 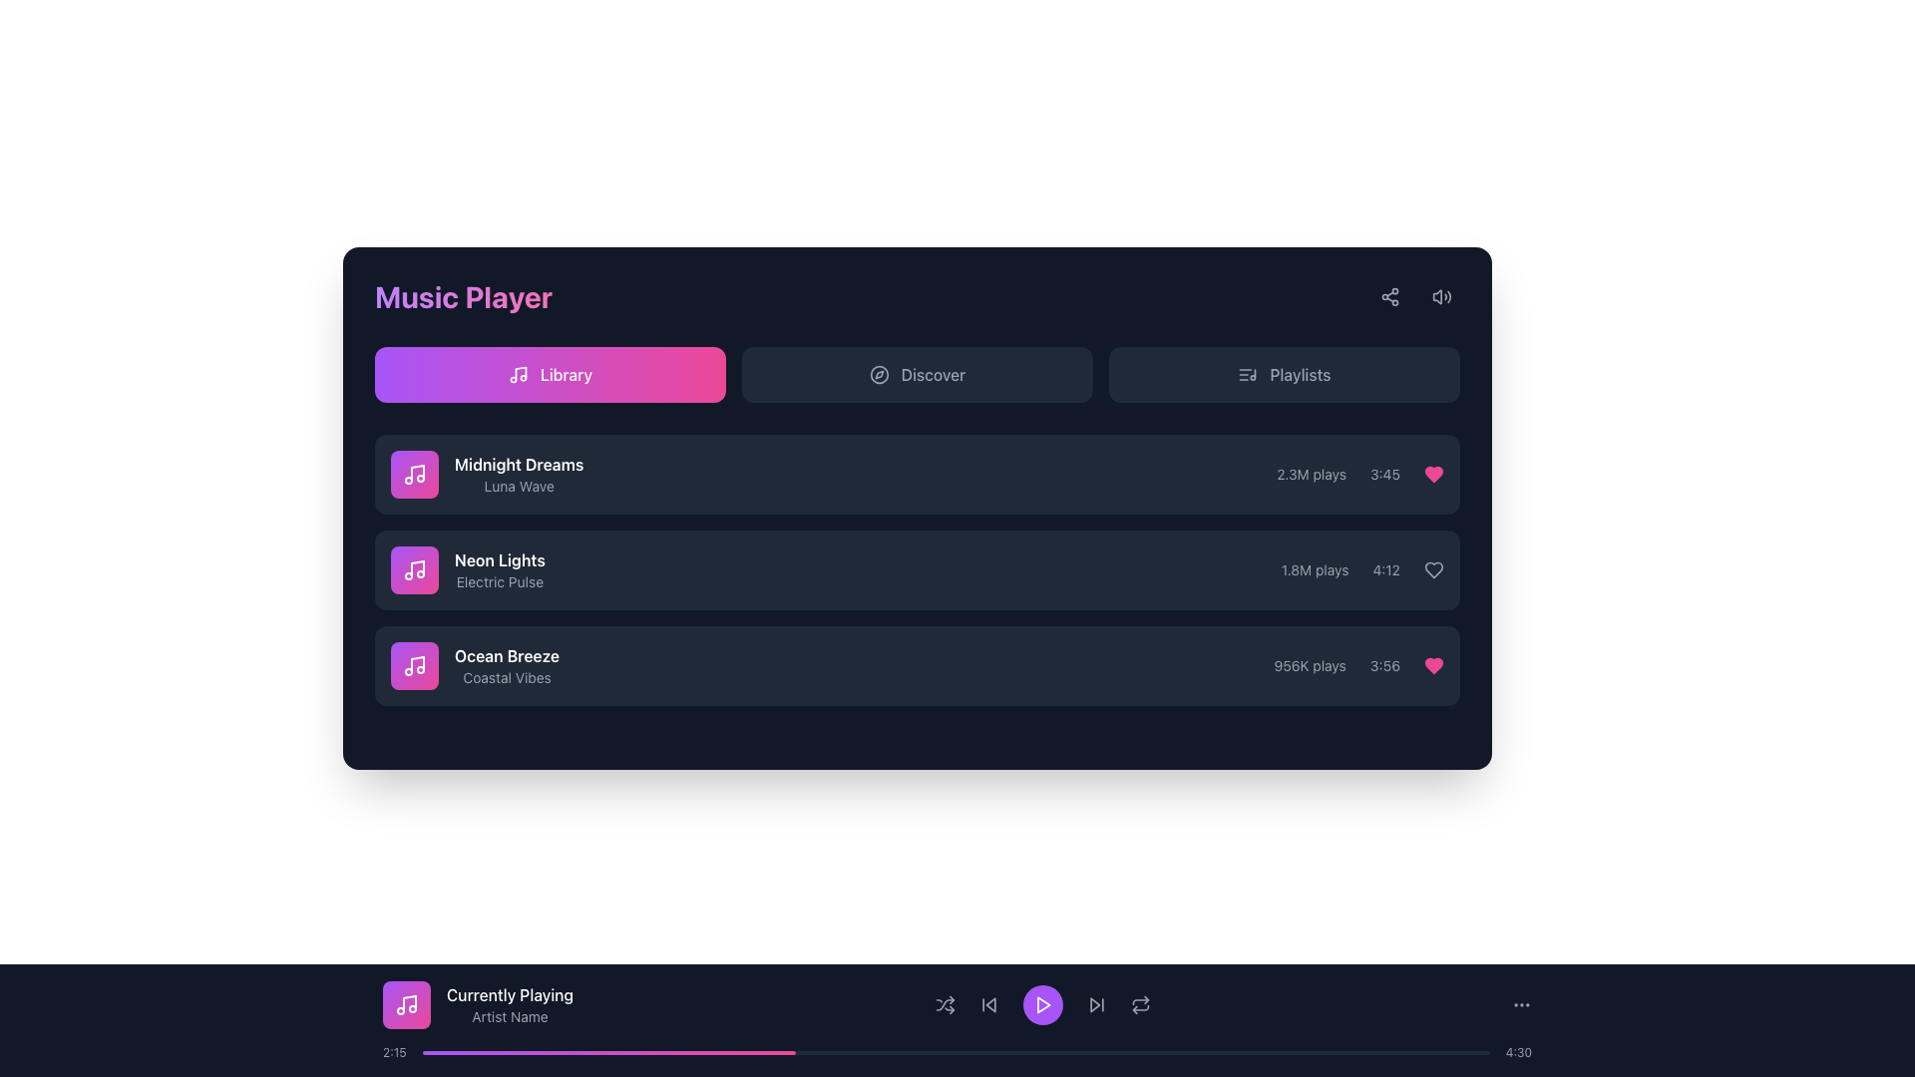 What do you see at coordinates (1433, 474) in the screenshot?
I see `the heart icon in the upper-right corner of the first row in the music track list` at bounding box center [1433, 474].